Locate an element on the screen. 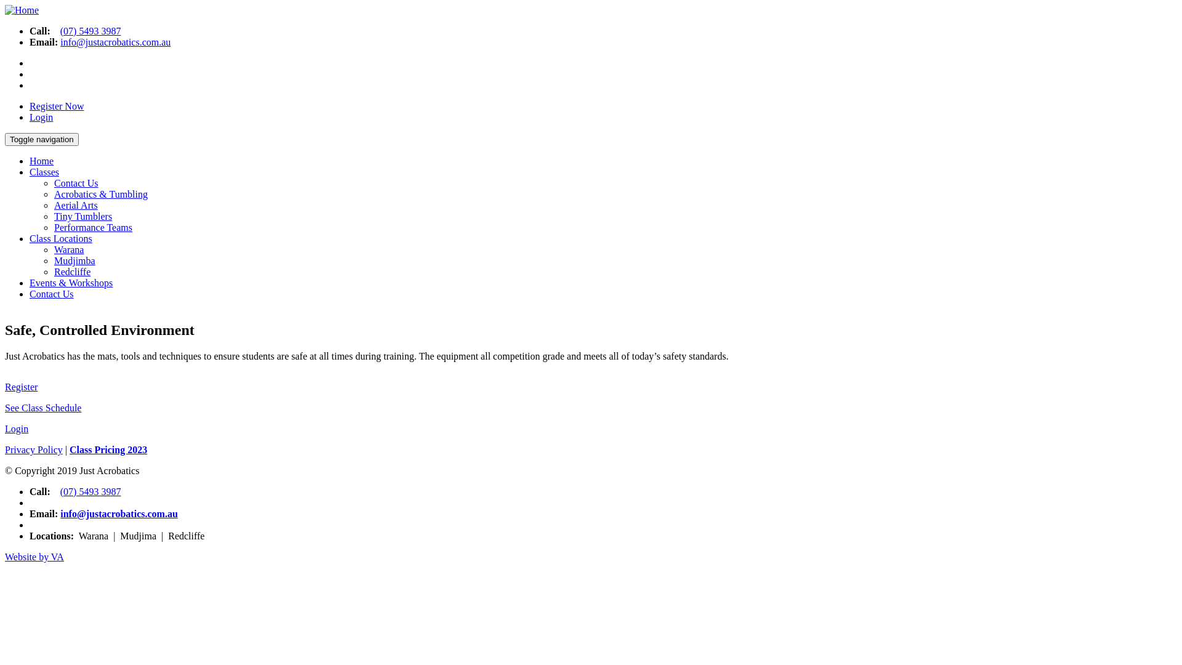  'Aerial Arts' is located at coordinates (53, 204).